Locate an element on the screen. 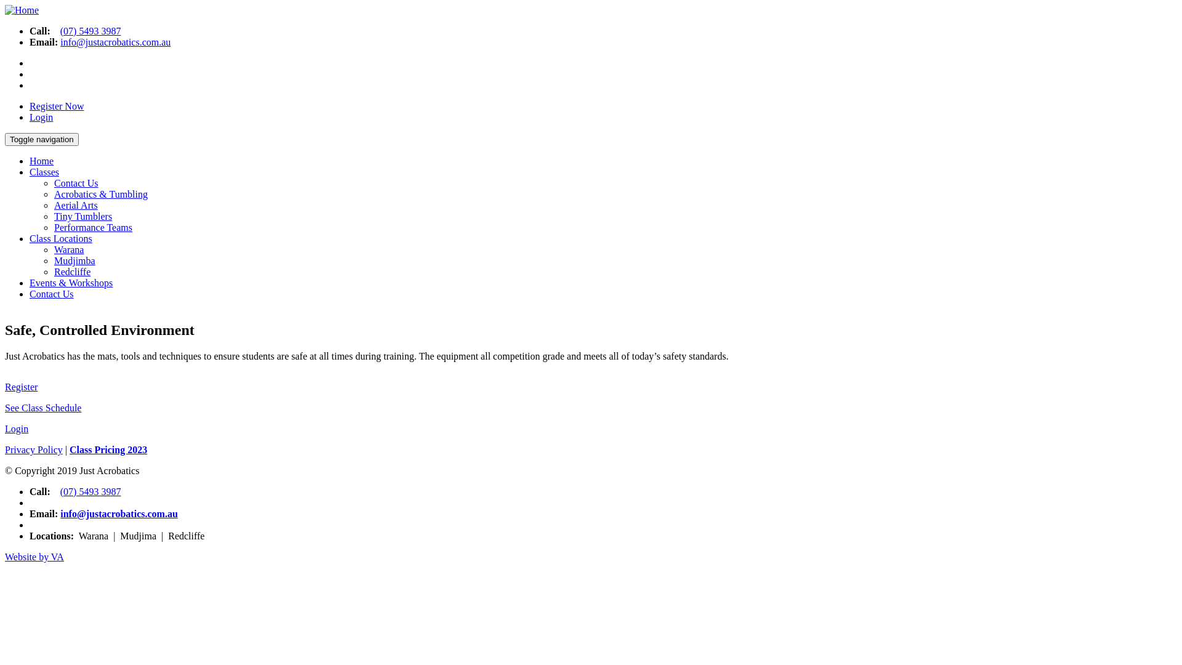  'Aerial Arts' is located at coordinates (53, 204).